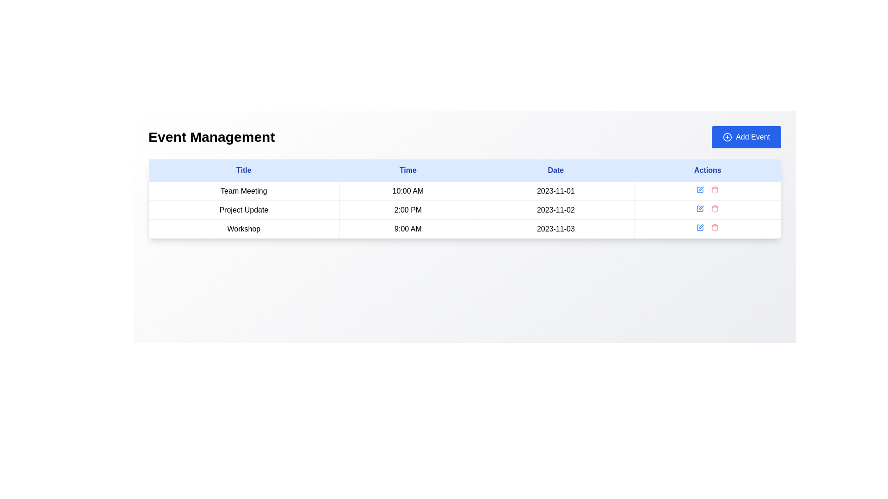 The image size is (888, 499). Describe the element at coordinates (555, 210) in the screenshot. I see `the table cell displaying the date of the event located in the third column of the second row, which is non-interactive and informative` at that location.